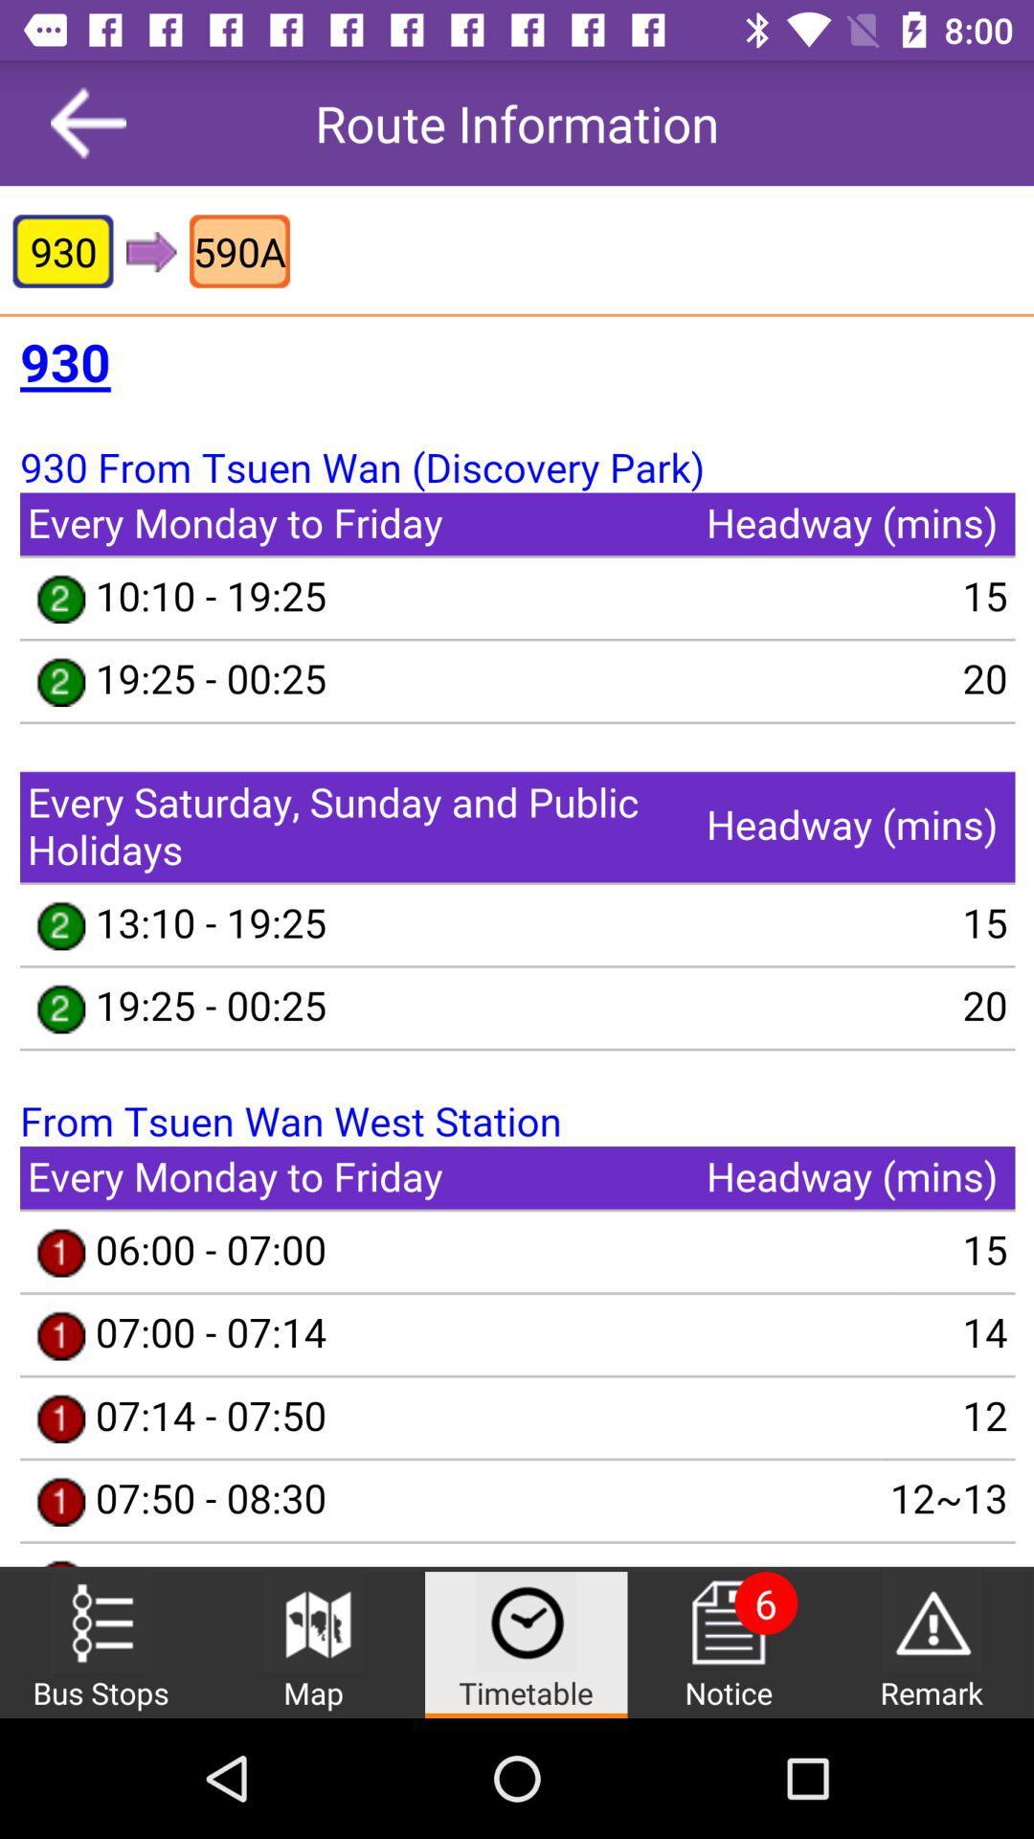  I want to click on the arrow_backward icon, so click(88, 122).